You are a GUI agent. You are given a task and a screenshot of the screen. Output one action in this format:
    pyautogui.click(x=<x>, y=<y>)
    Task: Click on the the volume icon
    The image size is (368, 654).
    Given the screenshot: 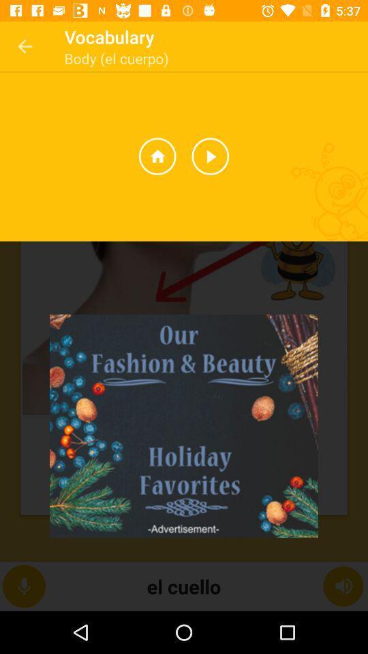 What is the action you would take?
    pyautogui.click(x=343, y=585)
    